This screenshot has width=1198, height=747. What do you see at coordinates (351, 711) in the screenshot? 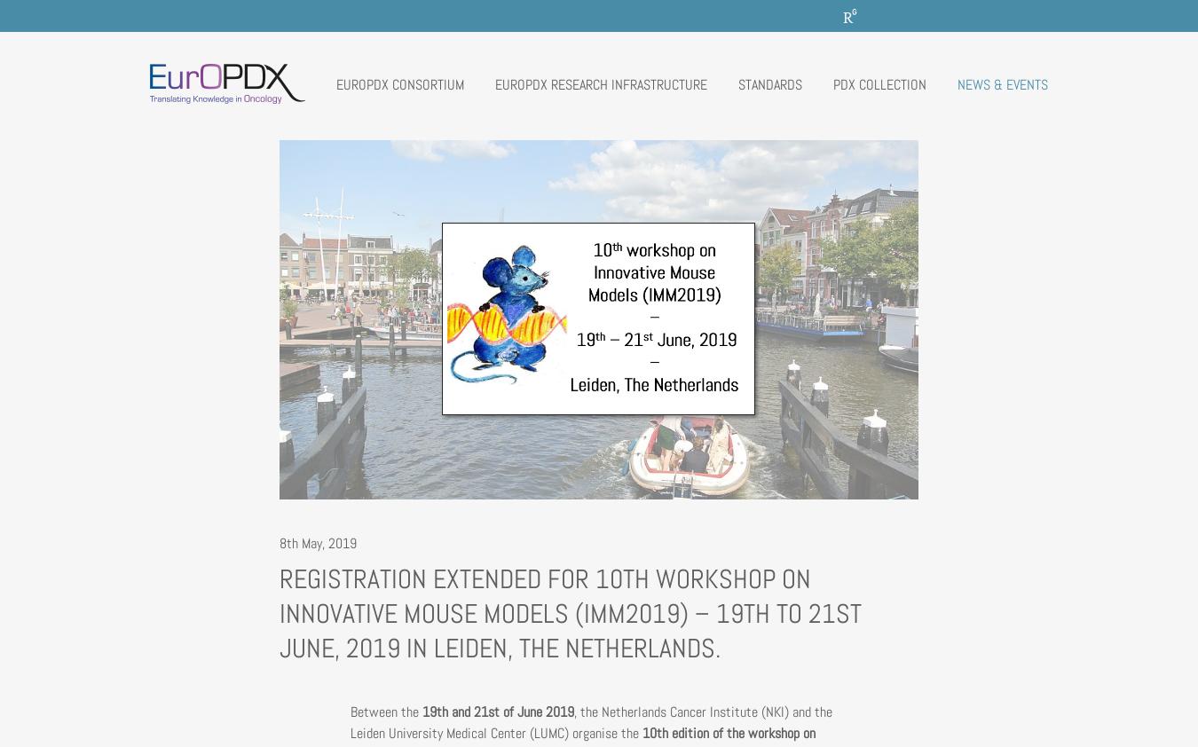
I see `'Between the'` at bounding box center [351, 711].